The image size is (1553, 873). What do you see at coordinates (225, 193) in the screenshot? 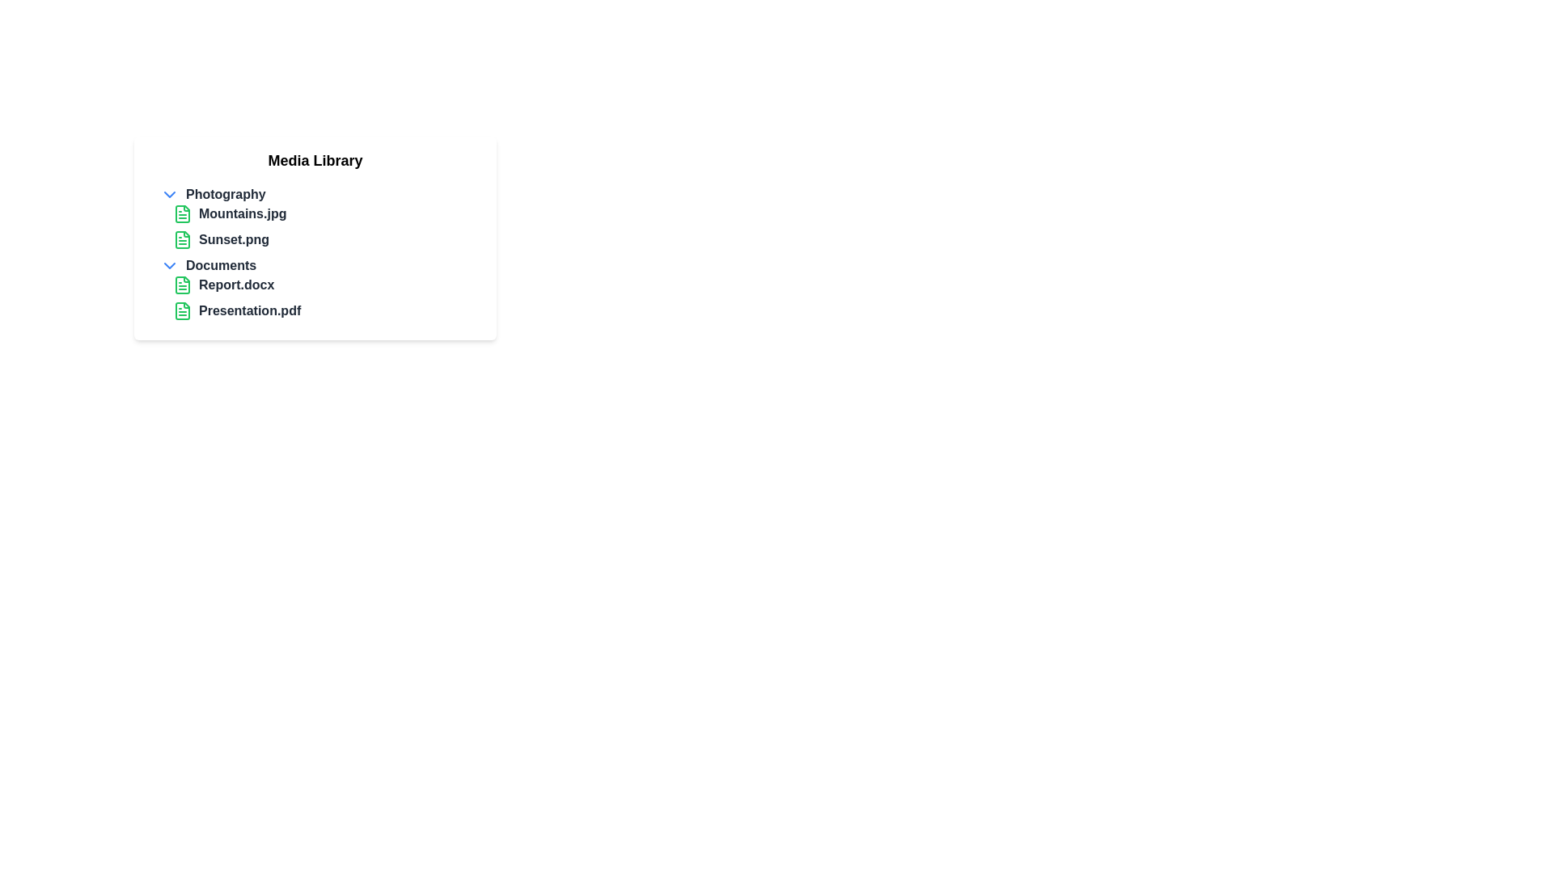
I see `the bold 'Photography' text label in dark gray font to expand or collapse the category` at bounding box center [225, 193].